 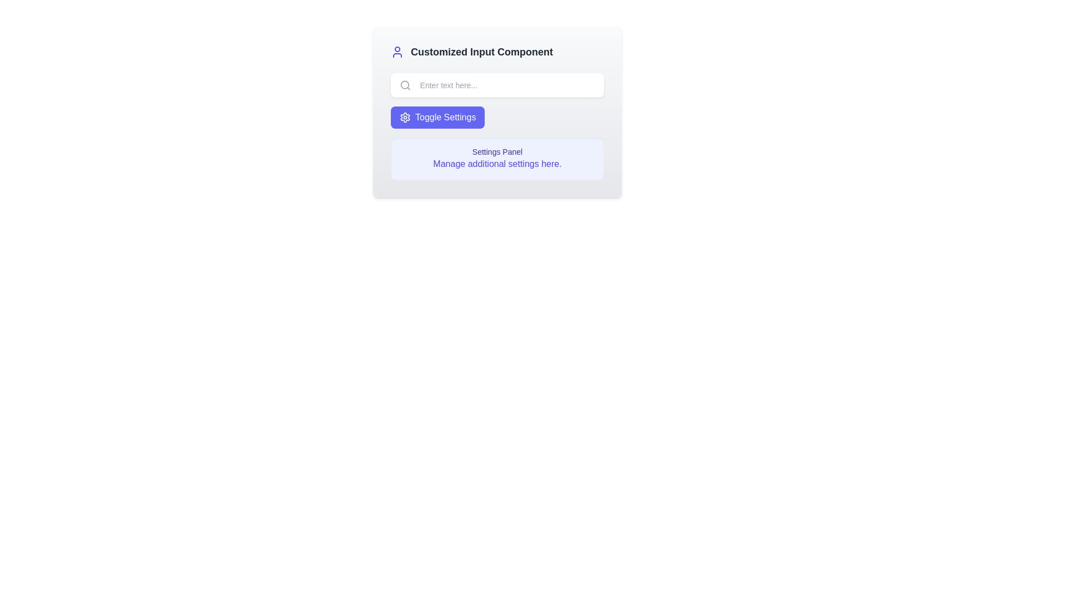 What do you see at coordinates (404, 118) in the screenshot?
I see `the gear icon within the 'Toggle Settings' button` at bounding box center [404, 118].